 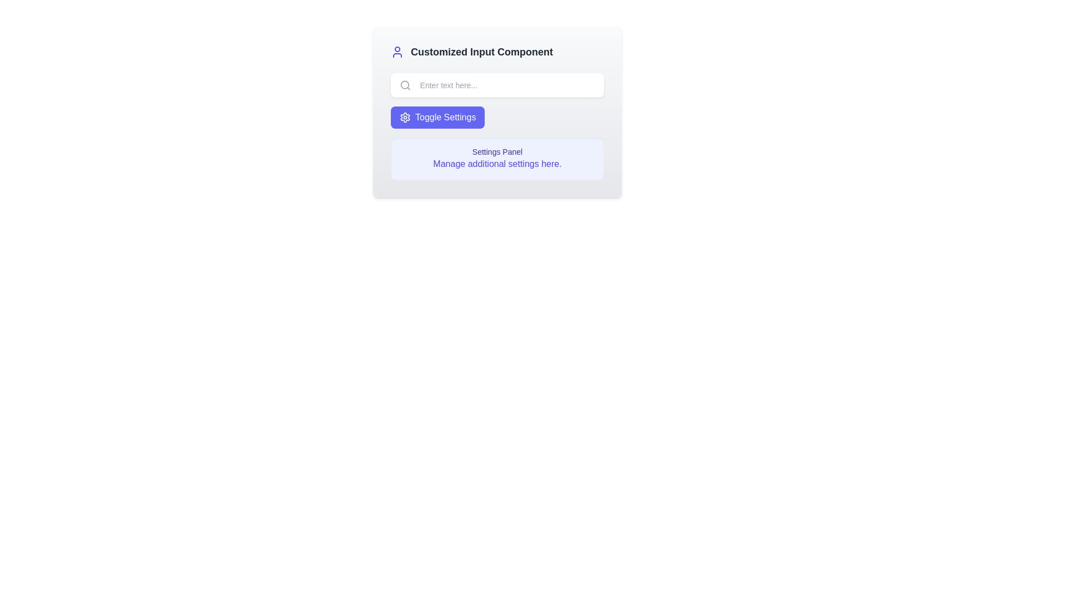 What do you see at coordinates (404, 118) in the screenshot?
I see `the gear icon within the 'Toggle Settings' button` at bounding box center [404, 118].